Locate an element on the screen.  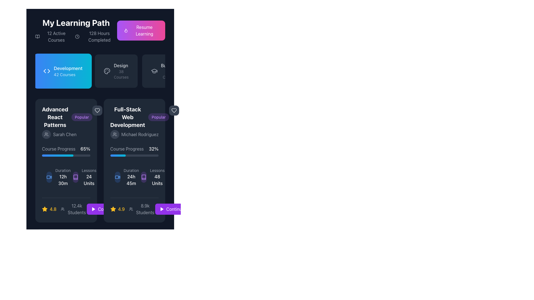
the text component displaying the value '4.9', which is styled in amber color and is part of the rating display for the 'Full-Stack Web Development' course card, located near the bottom of the card is located at coordinates (121, 209).